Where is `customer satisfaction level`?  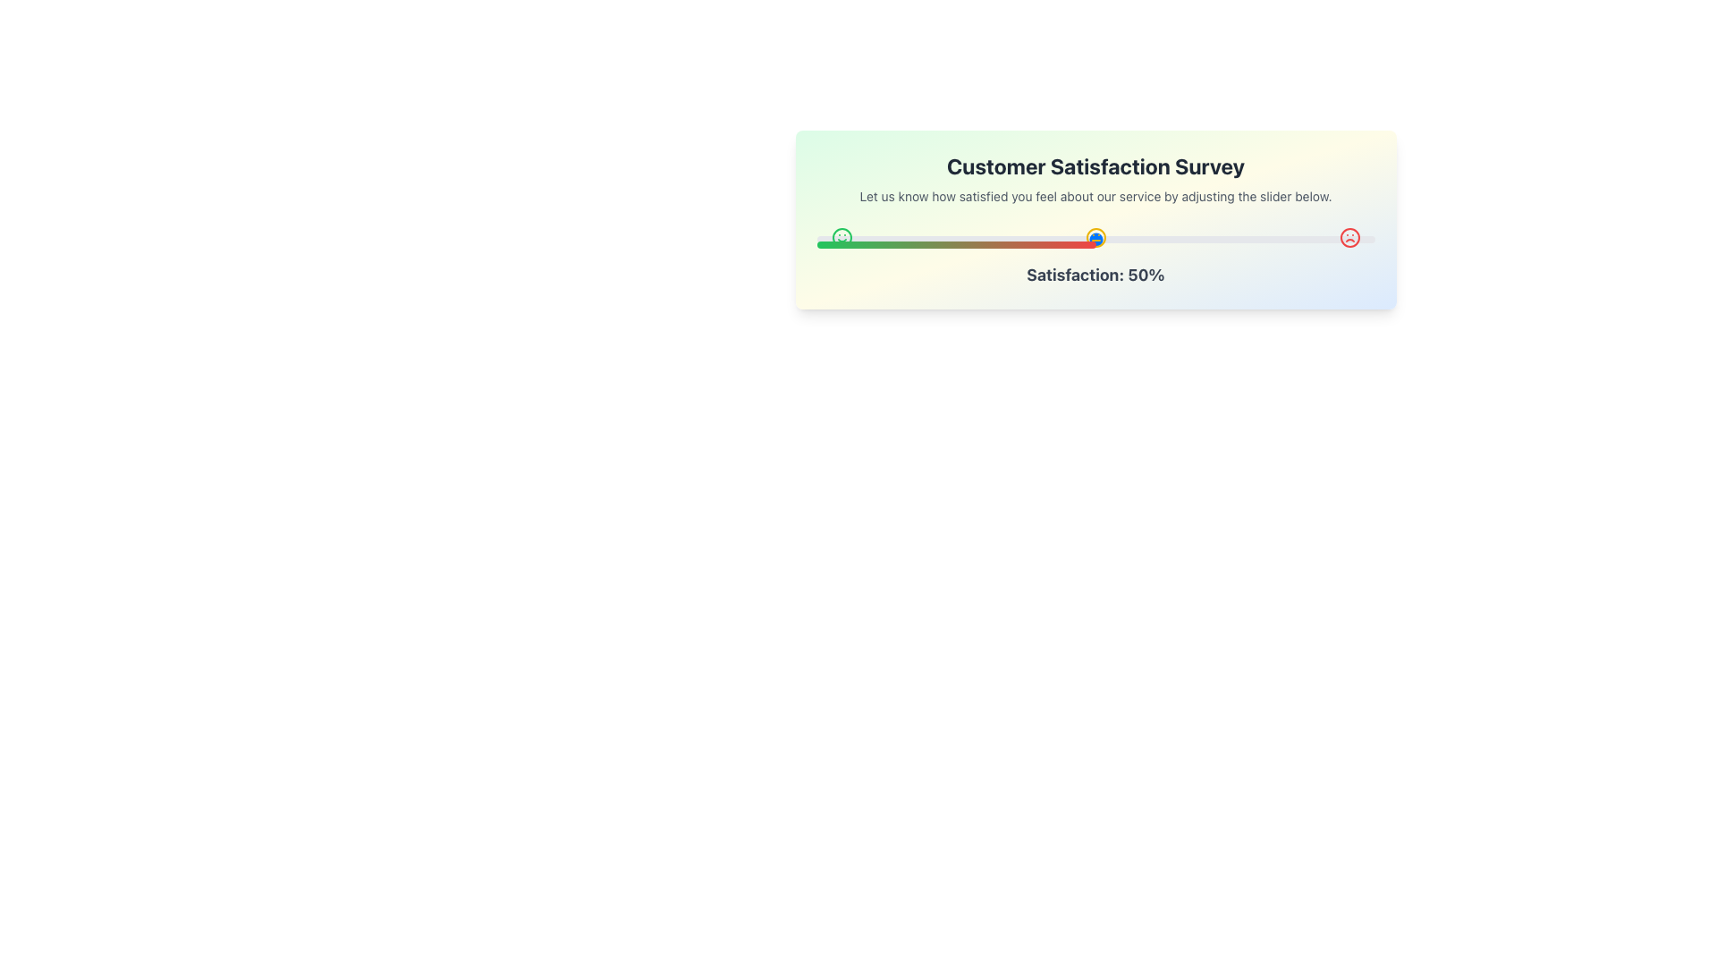
customer satisfaction level is located at coordinates (1262, 238).